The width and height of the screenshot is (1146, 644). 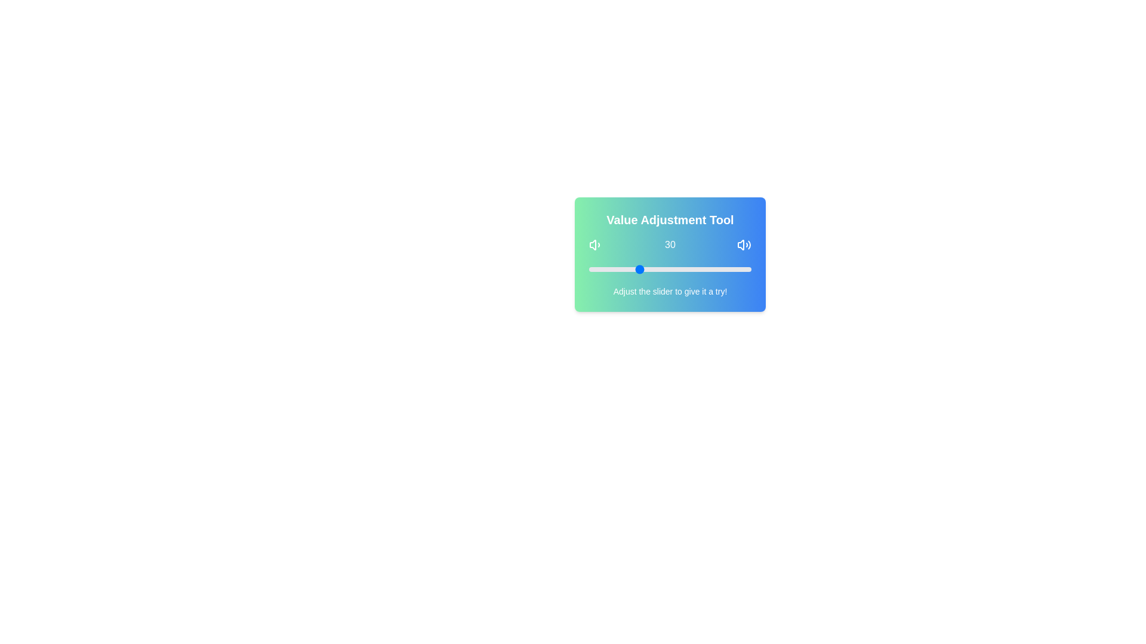 What do you see at coordinates (696, 269) in the screenshot?
I see `the slider` at bounding box center [696, 269].